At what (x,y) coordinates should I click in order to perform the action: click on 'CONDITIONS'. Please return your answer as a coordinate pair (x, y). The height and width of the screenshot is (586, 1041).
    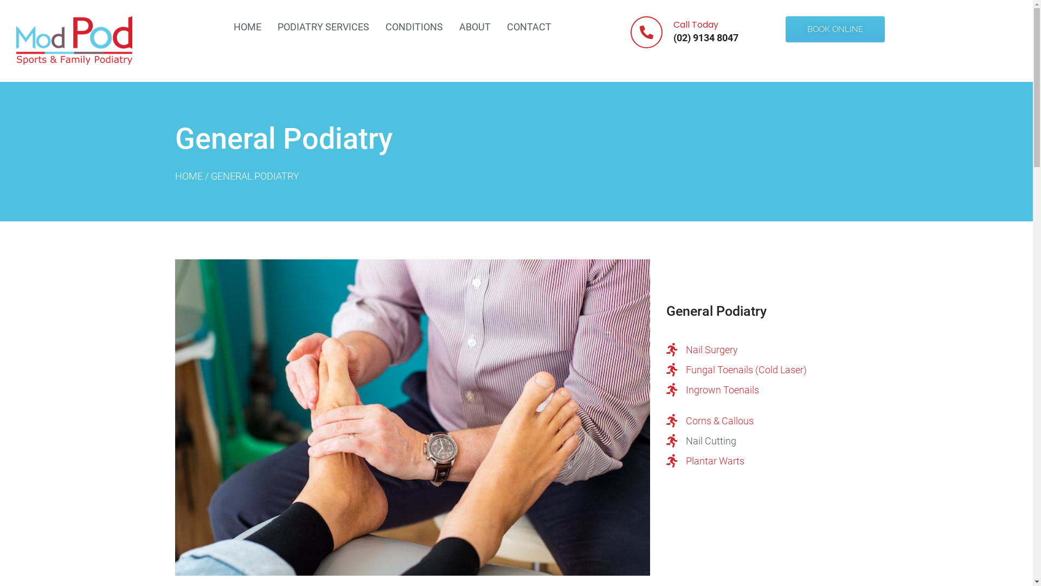
    Looking at the image, I should click on (413, 27).